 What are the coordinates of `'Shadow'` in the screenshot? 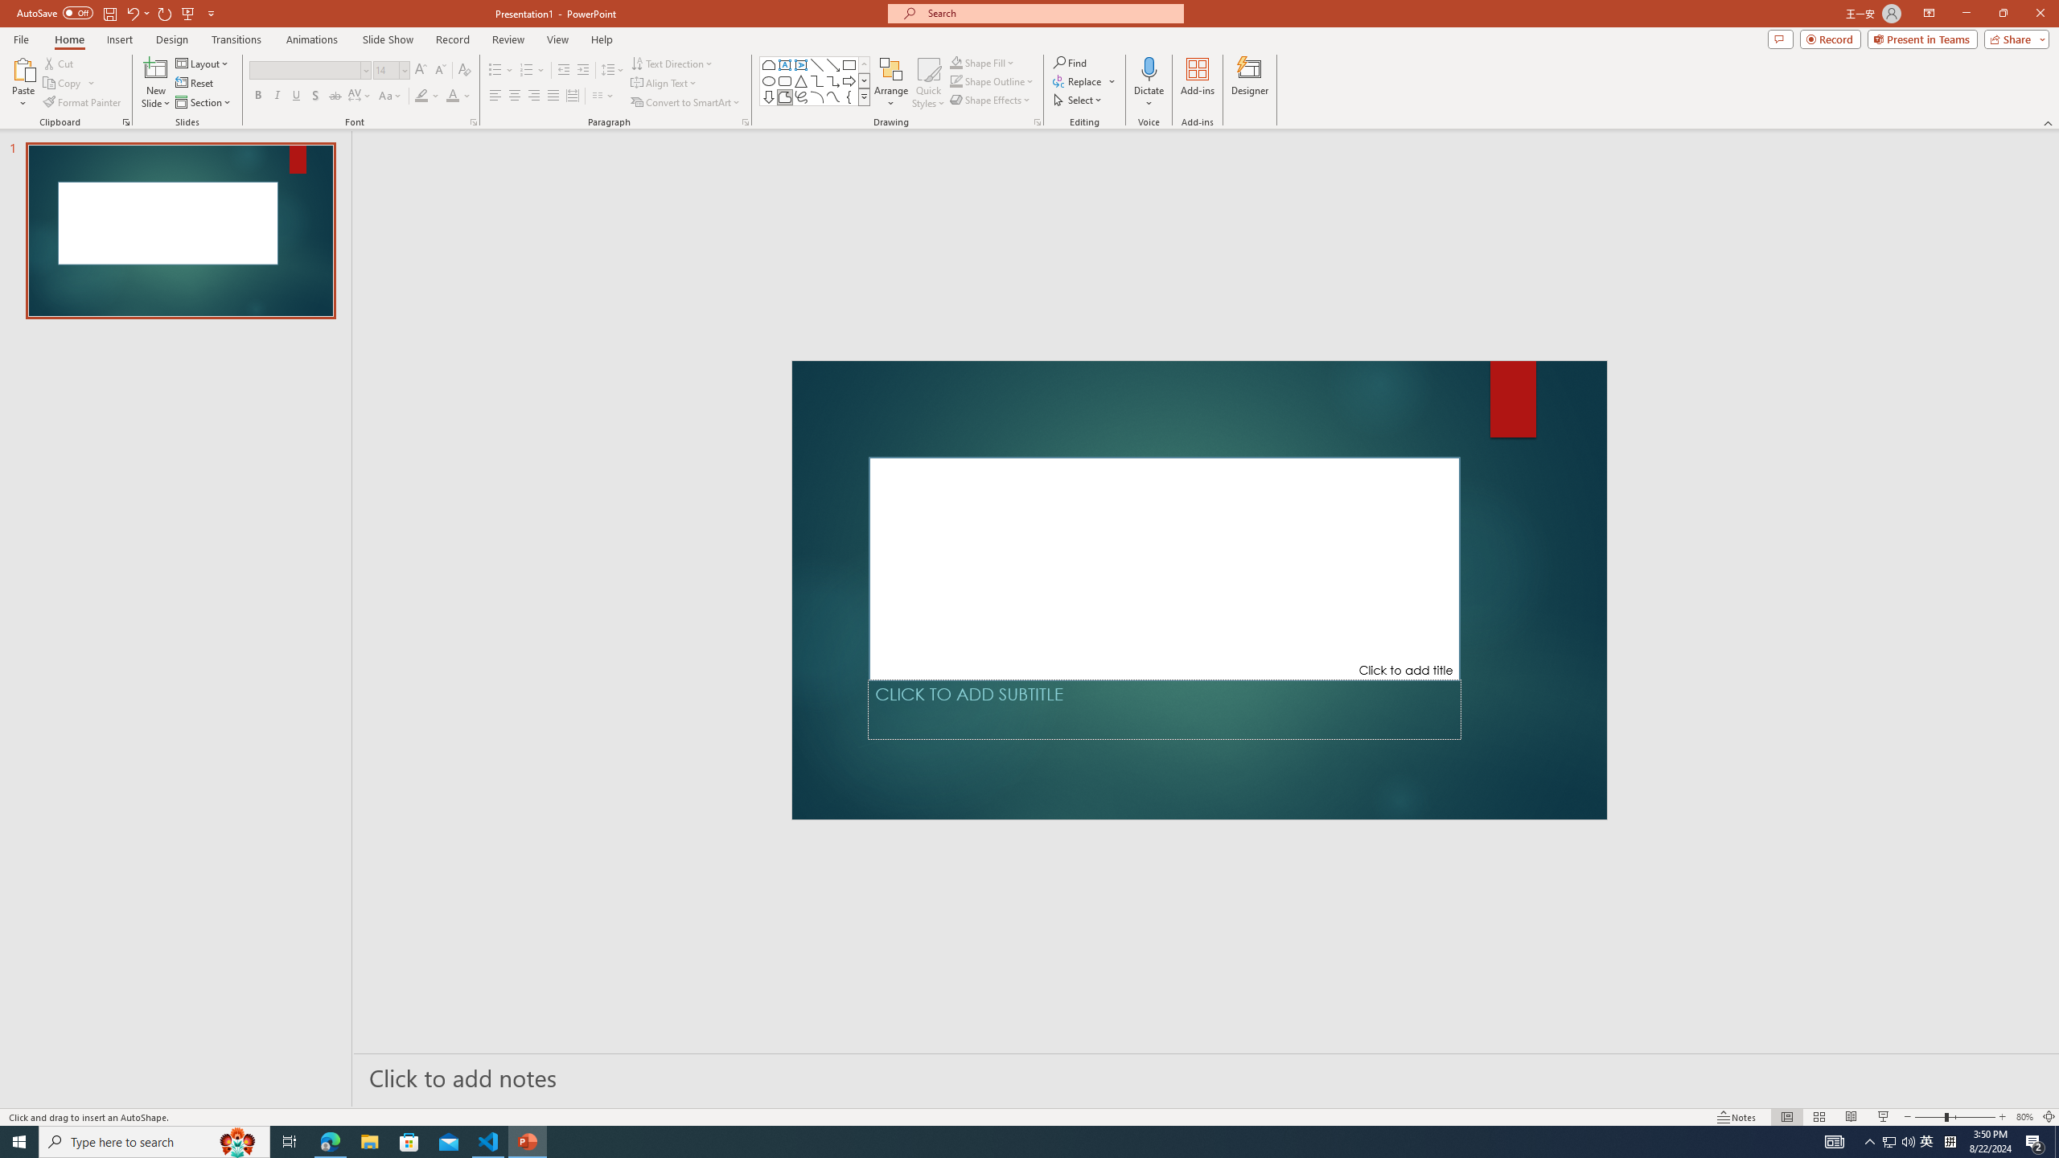 It's located at (314, 95).